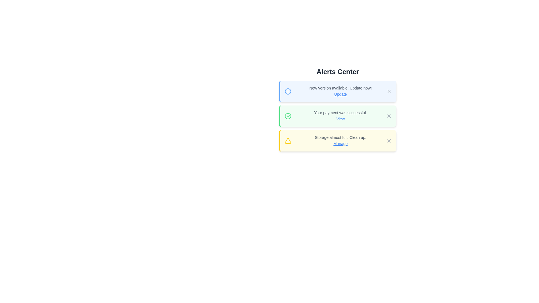 This screenshot has height=303, width=539. I want to click on the gray 'X' icon button in the top-right corner of the green notification panel that indicates 'Your payment was successful', so click(389, 116).